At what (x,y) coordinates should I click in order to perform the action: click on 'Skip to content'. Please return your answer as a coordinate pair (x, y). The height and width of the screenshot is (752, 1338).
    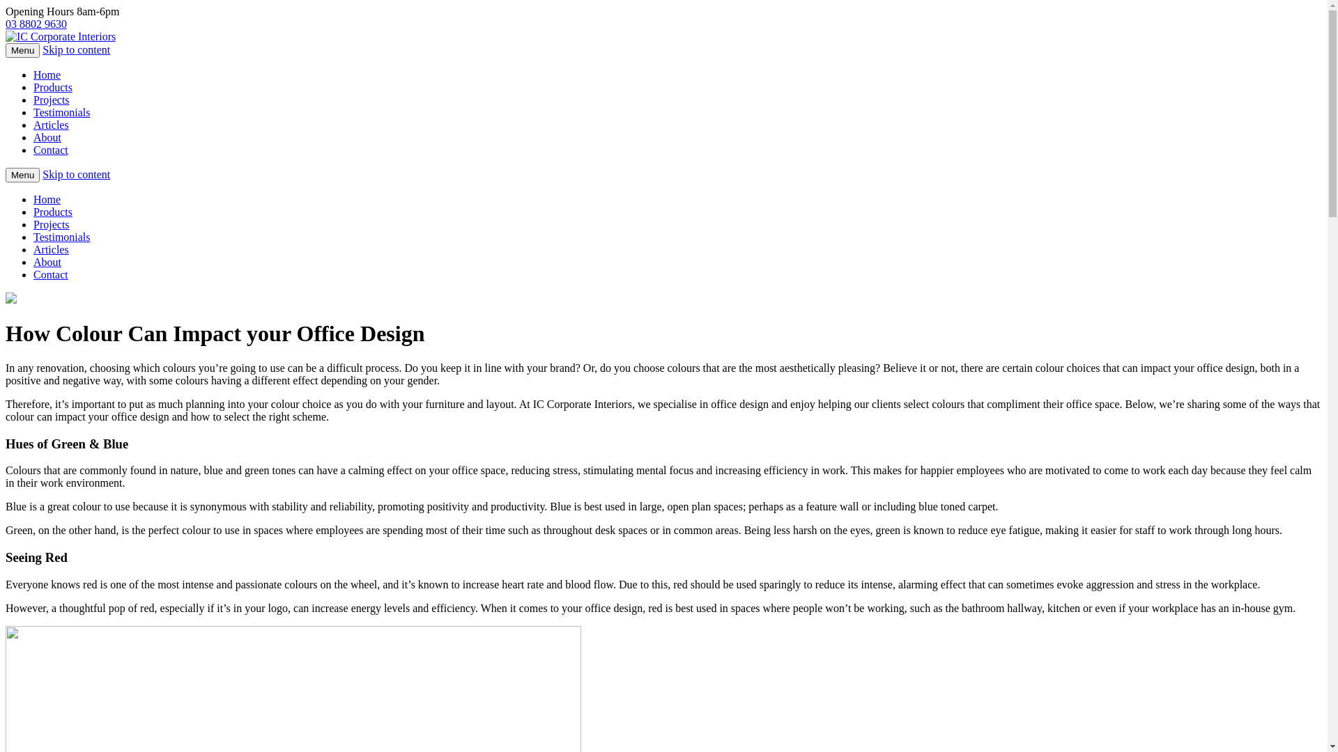
    Looking at the image, I should click on (43, 49).